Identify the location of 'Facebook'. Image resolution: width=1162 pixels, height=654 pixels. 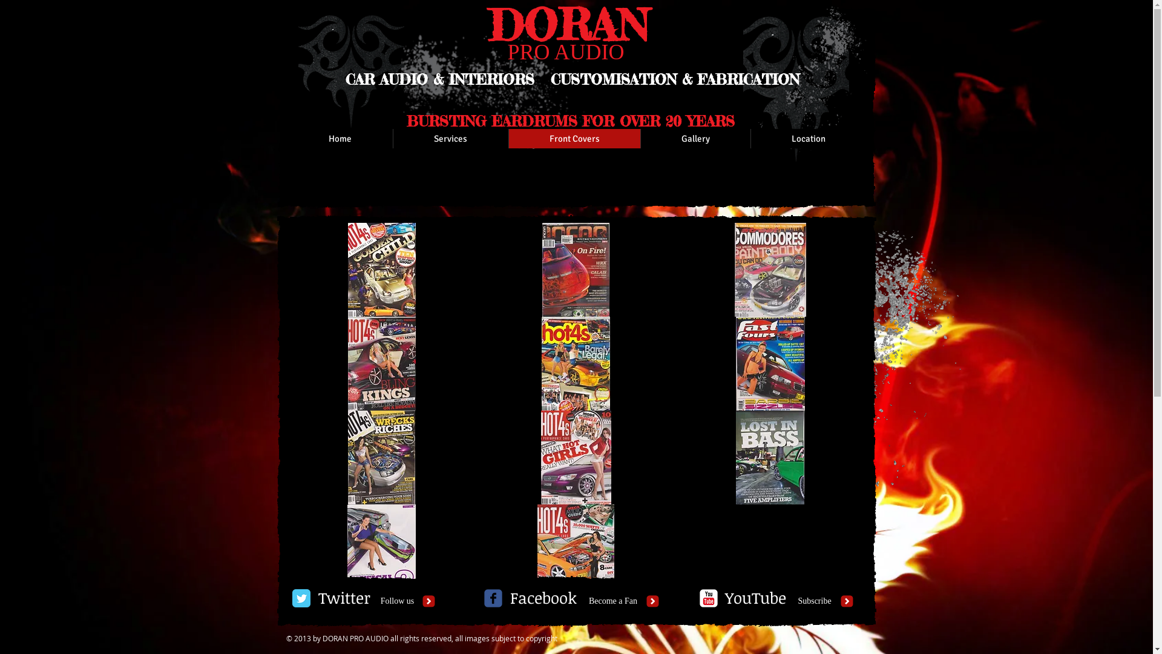
(542, 597).